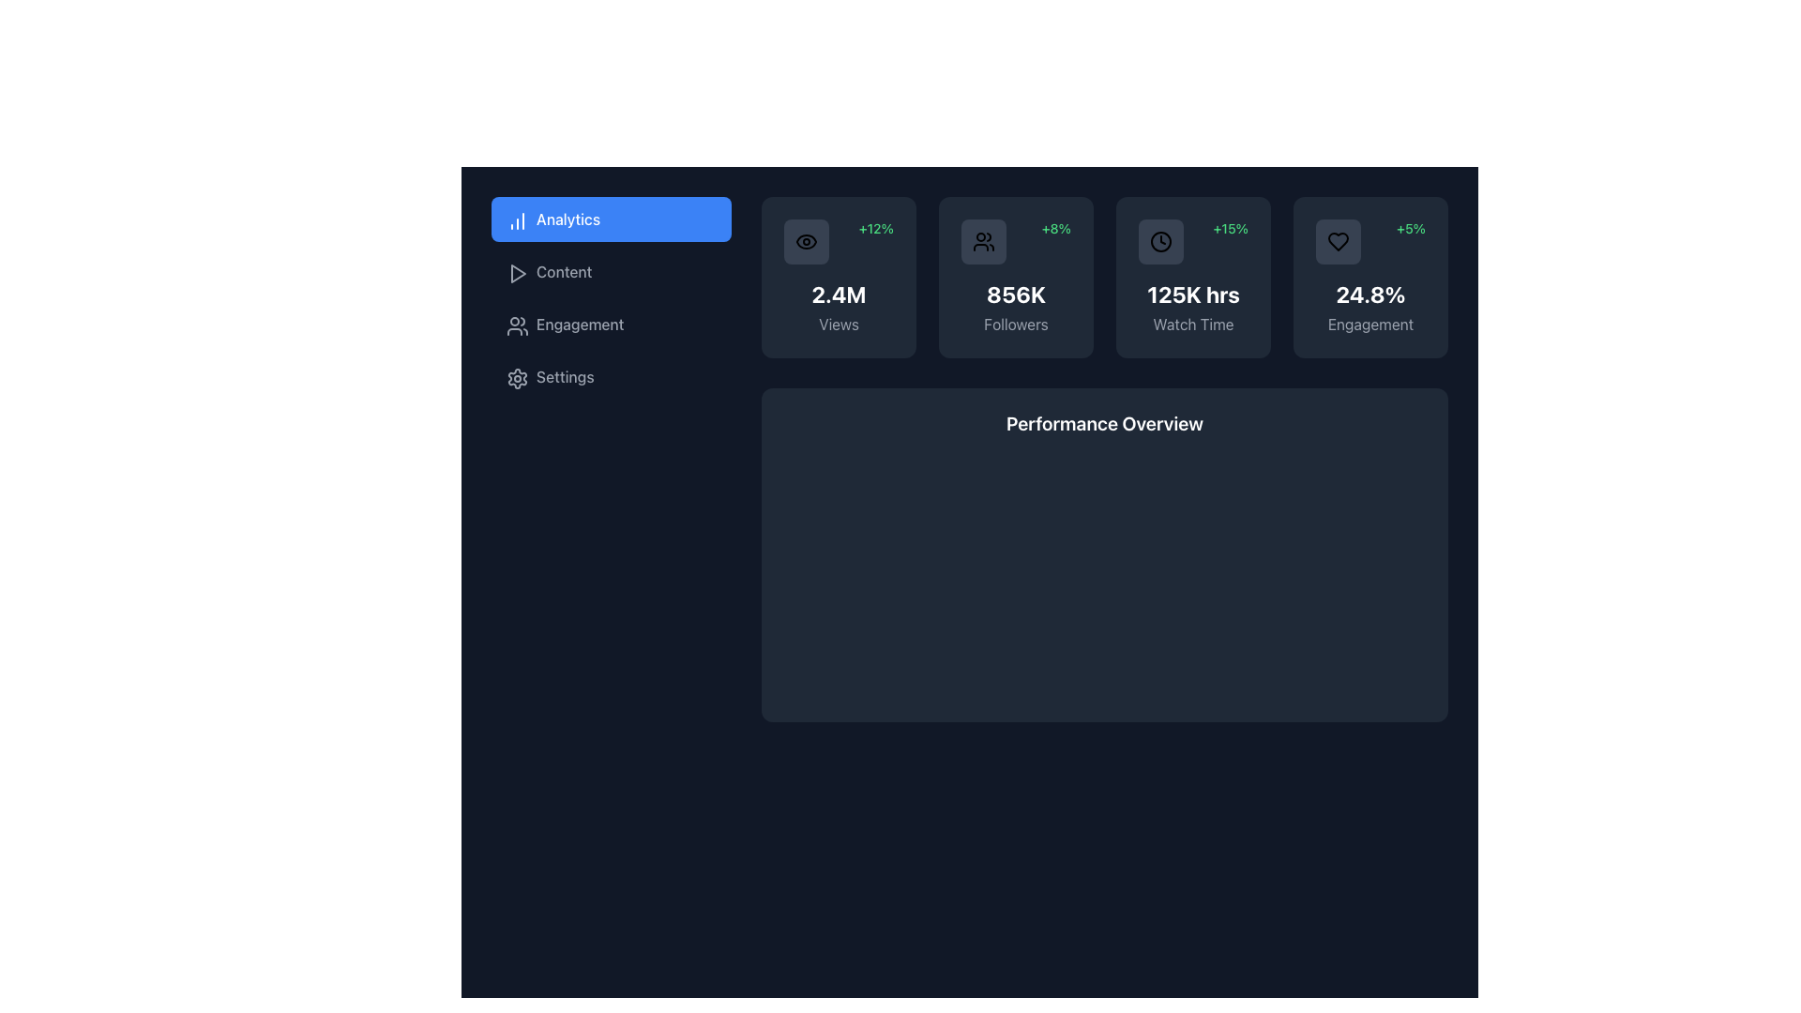  What do you see at coordinates (518, 325) in the screenshot?
I see `the line-art style icon of two users located on the left-side navigation menu, which is positioned next to the 'Engagement' text label` at bounding box center [518, 325].